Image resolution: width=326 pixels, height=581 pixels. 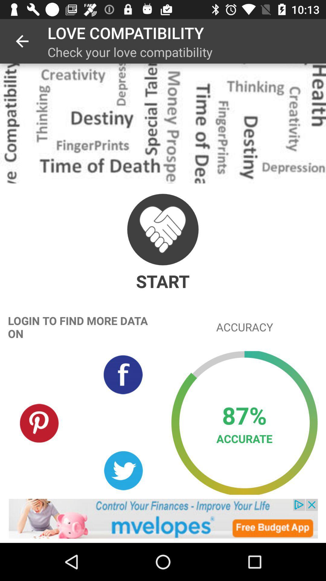 What do you see at coordinates (123, 471) in the screenshot?
I see `the twitter icon` at bounding box center [123, 471].